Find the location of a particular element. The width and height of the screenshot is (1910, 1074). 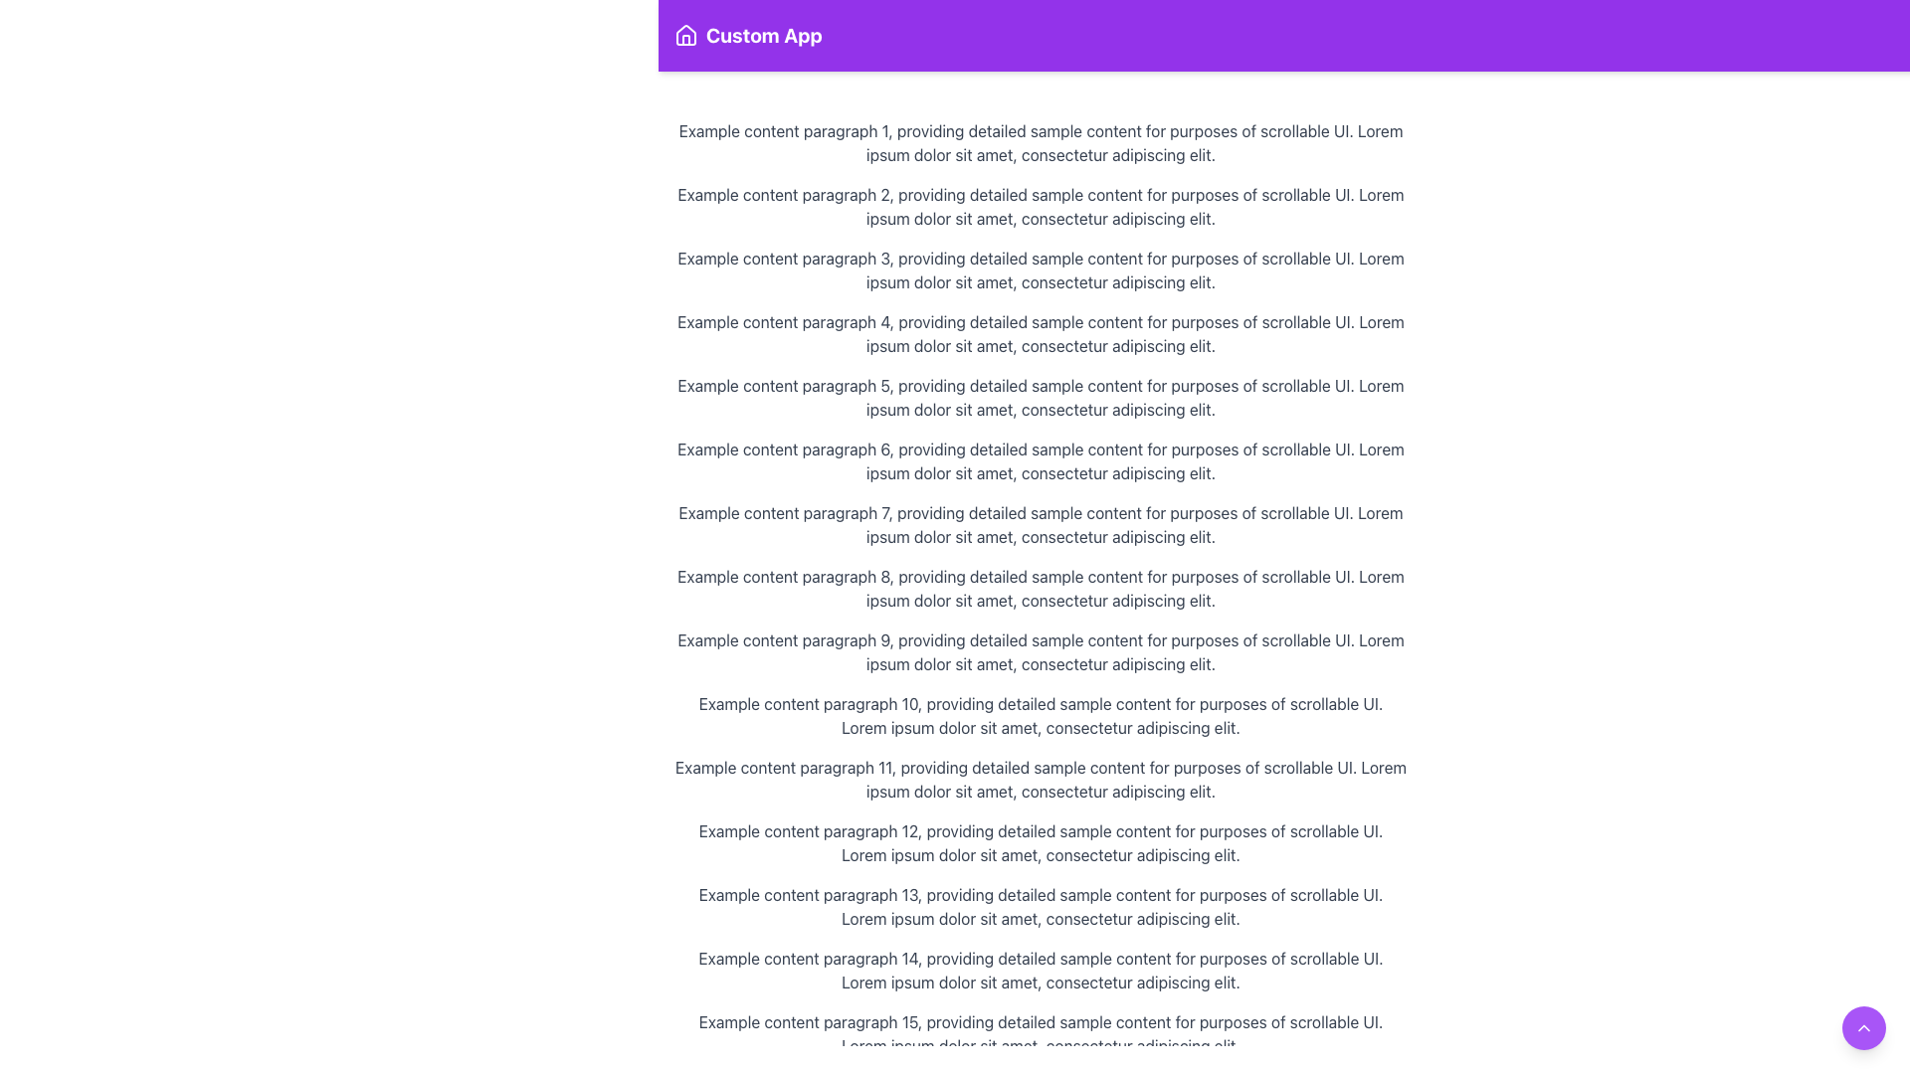

the text paragraph styled with a gray font color that contains the text: 'Example content paragraph 8, providing detailed sample content for purposes of scrollable UI.' is located at coordinates (1040, 587).